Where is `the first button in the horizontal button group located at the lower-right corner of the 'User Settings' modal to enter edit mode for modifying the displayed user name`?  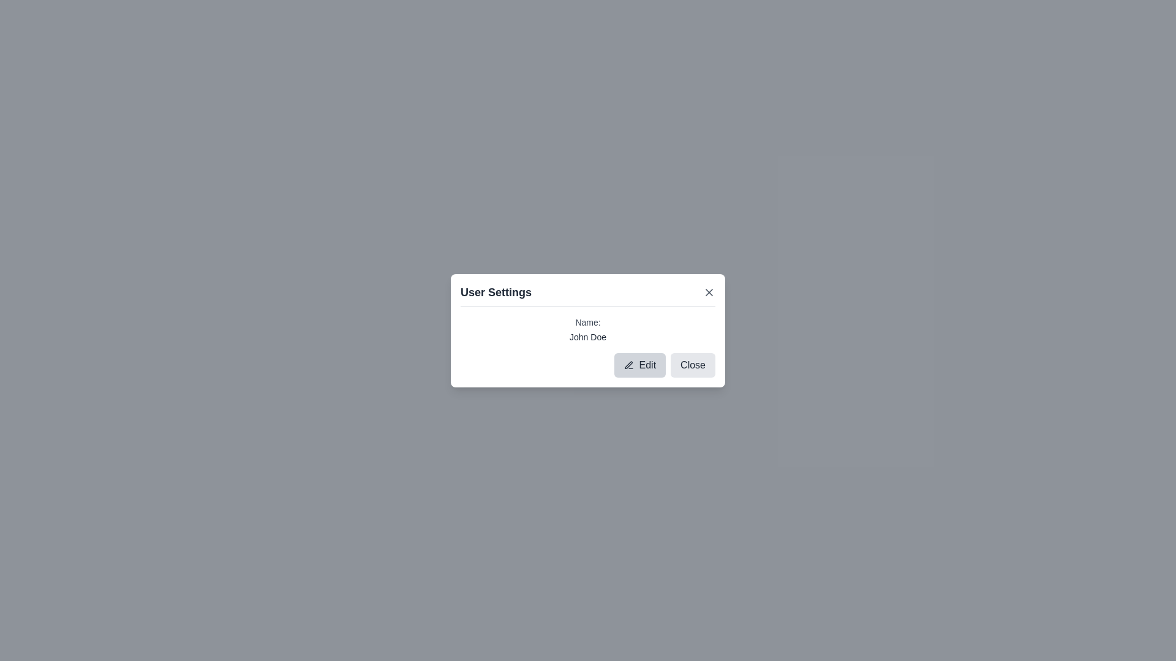 the first button in the horizontal button group located at the lower-right corner of the 'User Settings' modal to enter edit mode for modifying the displayed user name is located at coordinates (639, 364).